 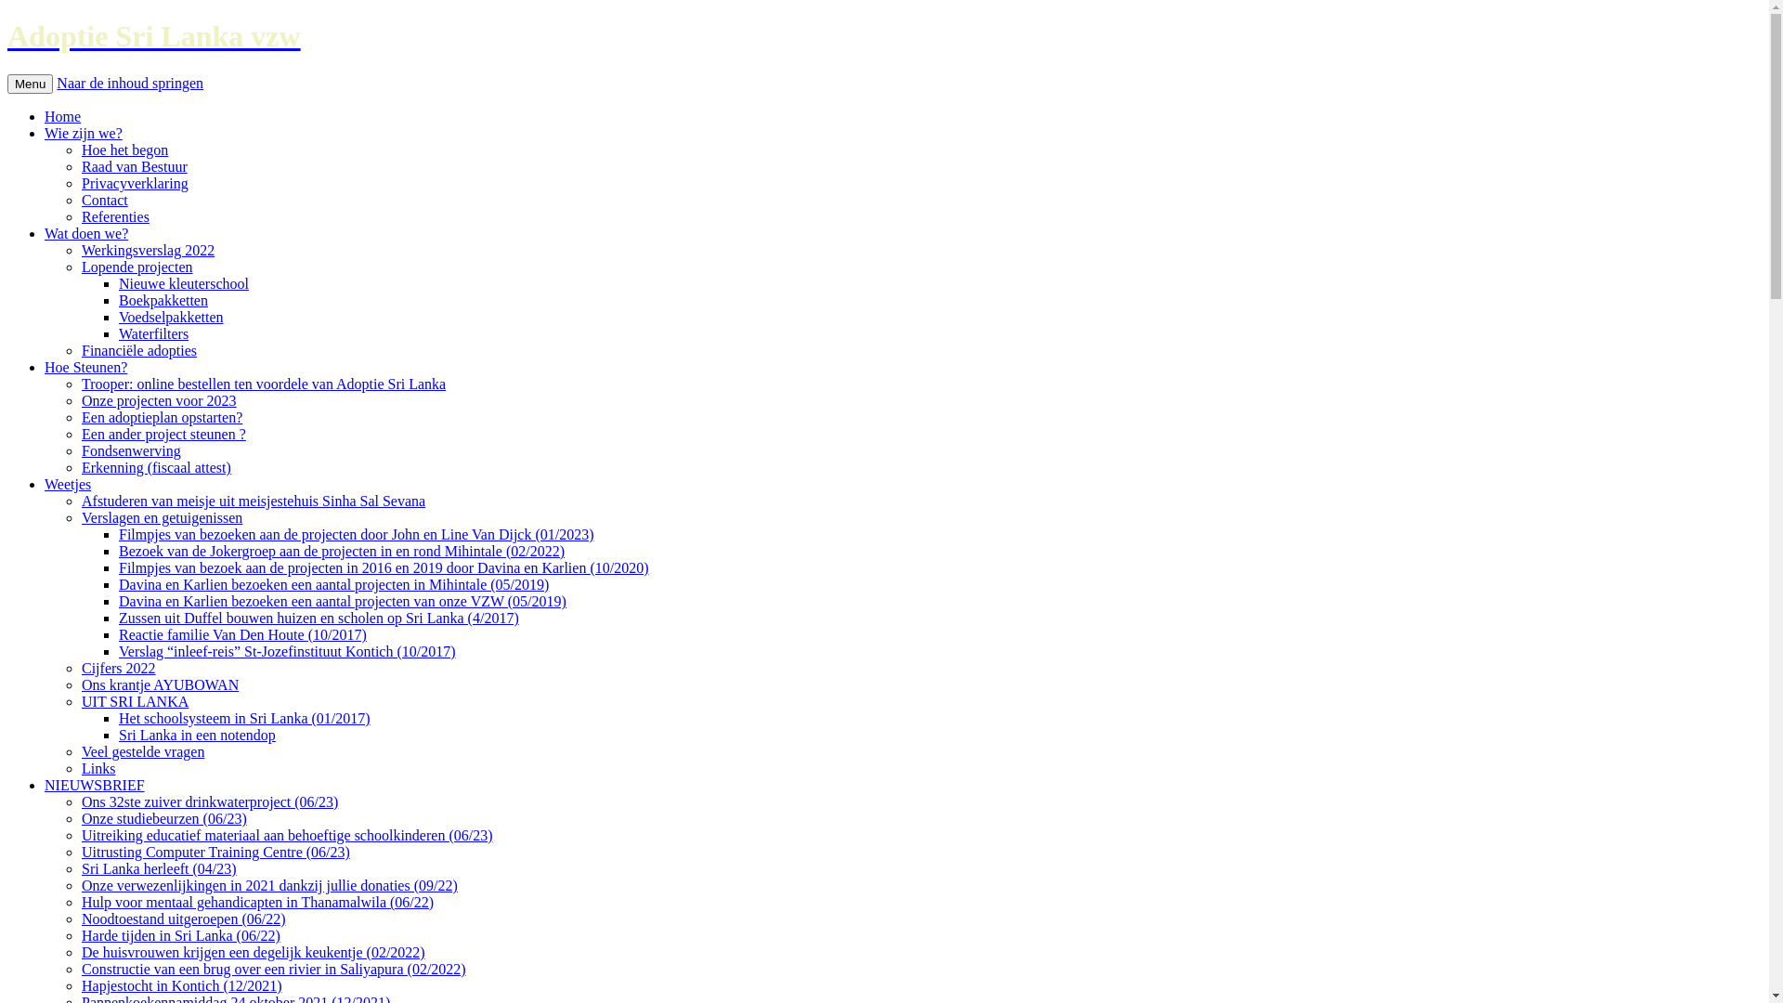 What do you see at coordinates (162, 517) in the screenshot?
I see `'Verslagen en getuigenissen'` at bounding box center [162, 517].